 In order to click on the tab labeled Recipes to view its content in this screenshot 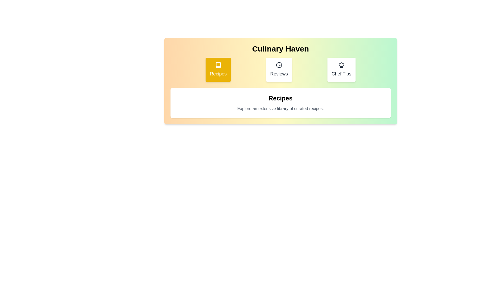, I will do `click(218, 69)`.